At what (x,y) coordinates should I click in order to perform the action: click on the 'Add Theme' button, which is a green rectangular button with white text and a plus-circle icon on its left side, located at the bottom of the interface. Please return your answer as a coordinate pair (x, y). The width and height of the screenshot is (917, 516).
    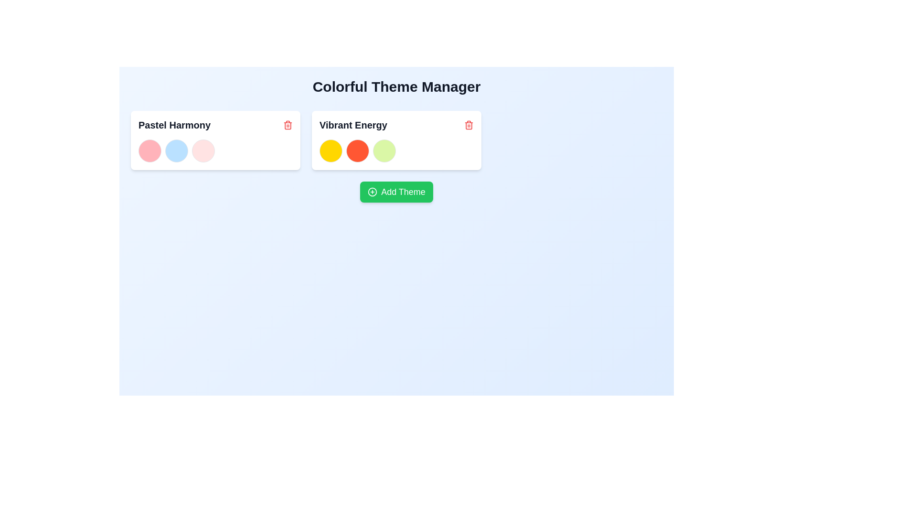
    Looking at the image, I should click on (396, 192).